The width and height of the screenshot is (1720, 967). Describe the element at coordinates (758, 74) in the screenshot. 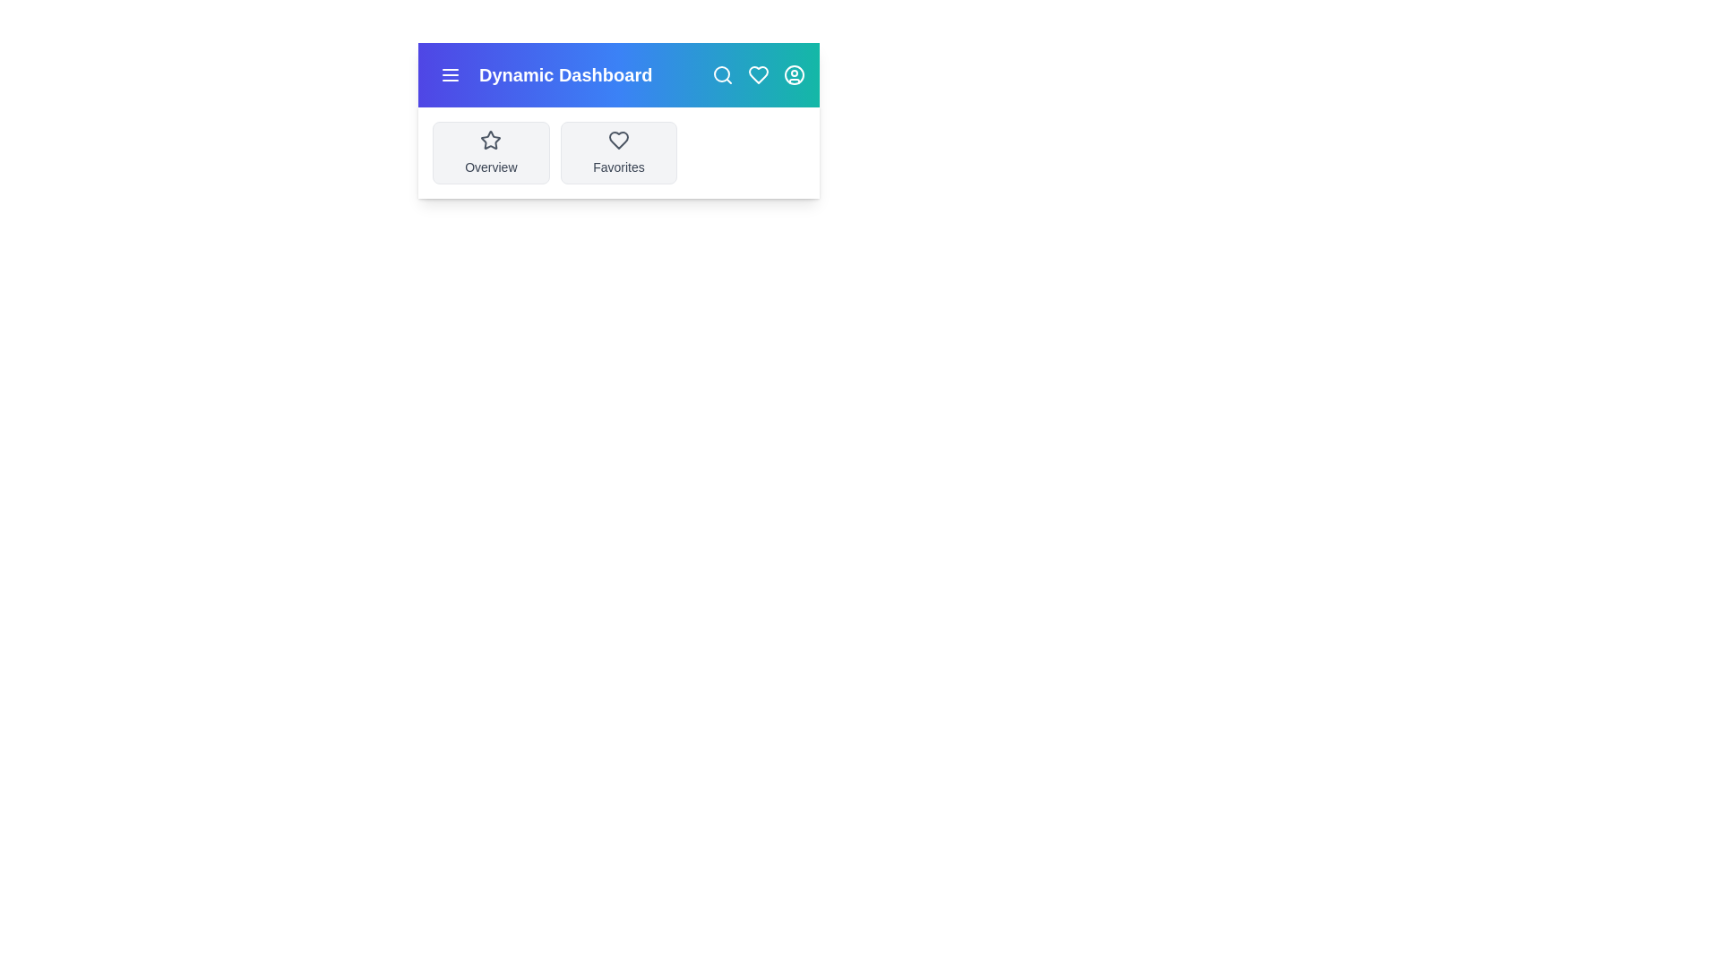

I see `the heart icon to mark as favorite` at that location.